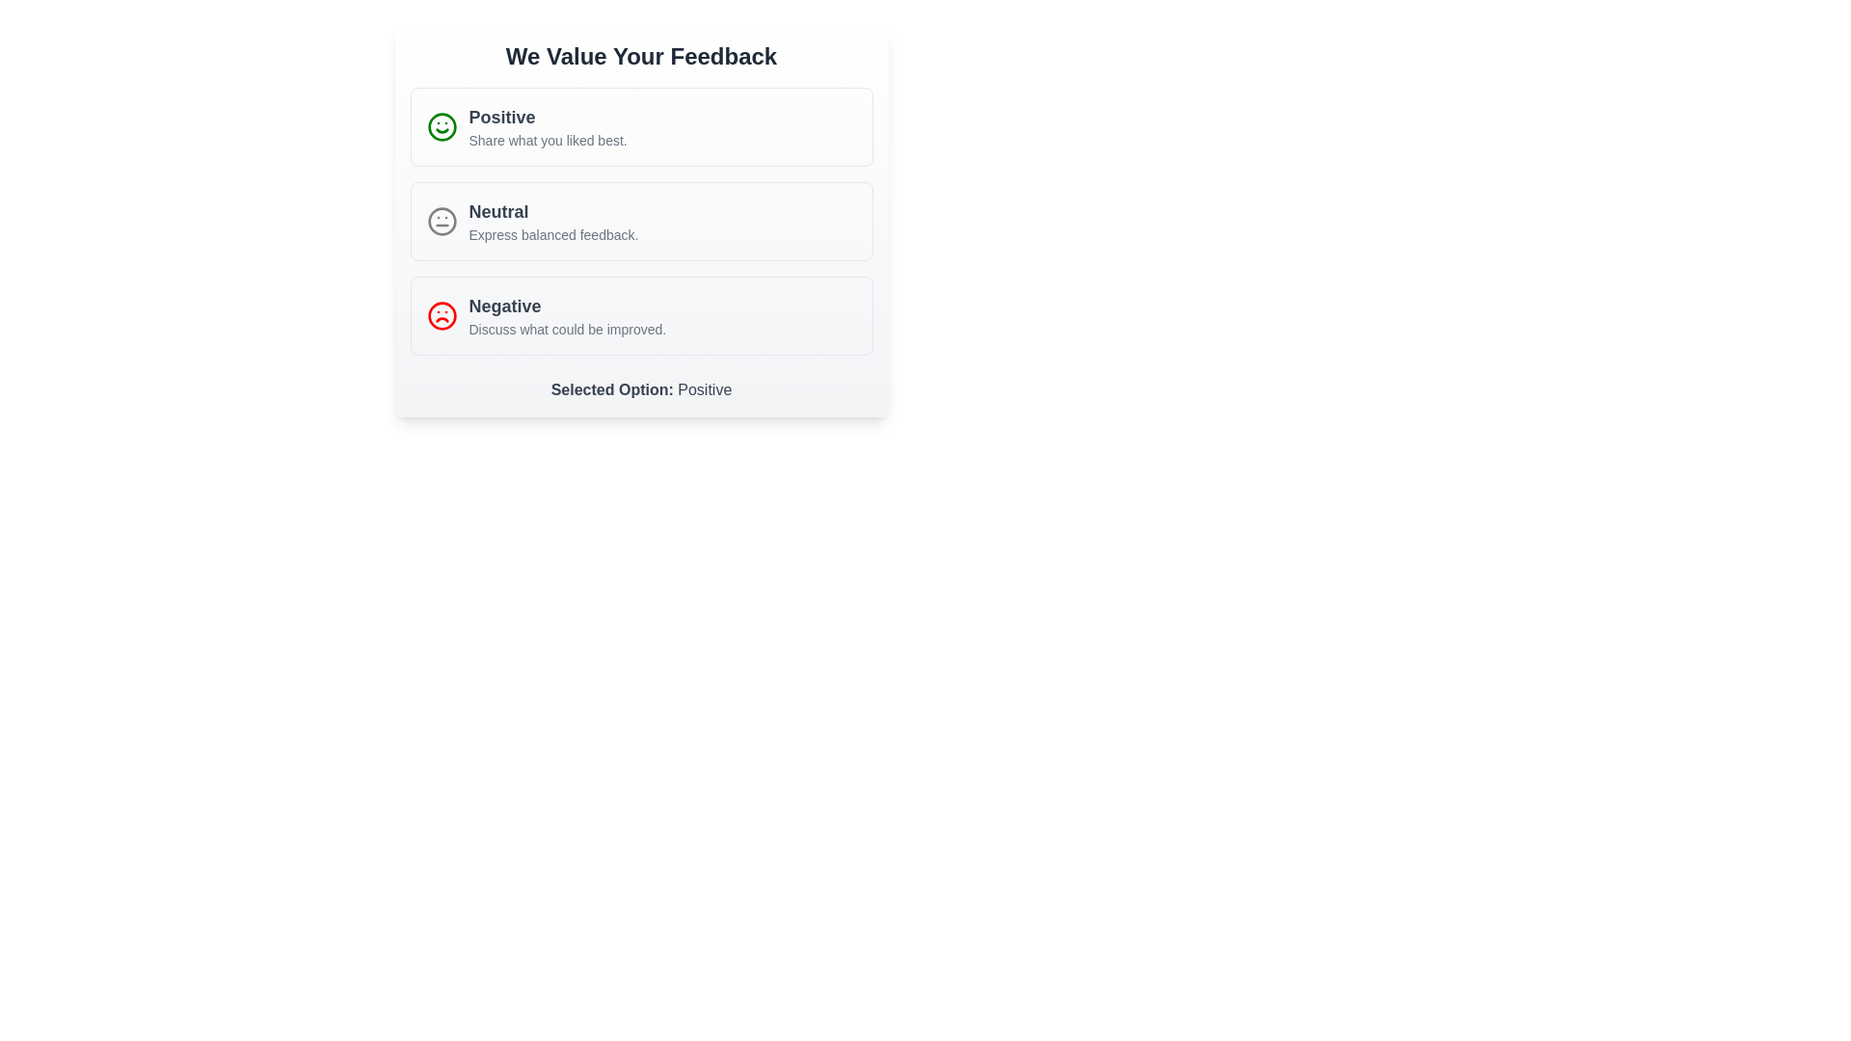 Image resolution: width=1851 pixels, height=1041 pixels. Describe the element at coordinates (441, 314) in the screenshot. I see `the 'Negative' feedback icon, which serves as a visual marker for the third feedback option in the list` at that location.